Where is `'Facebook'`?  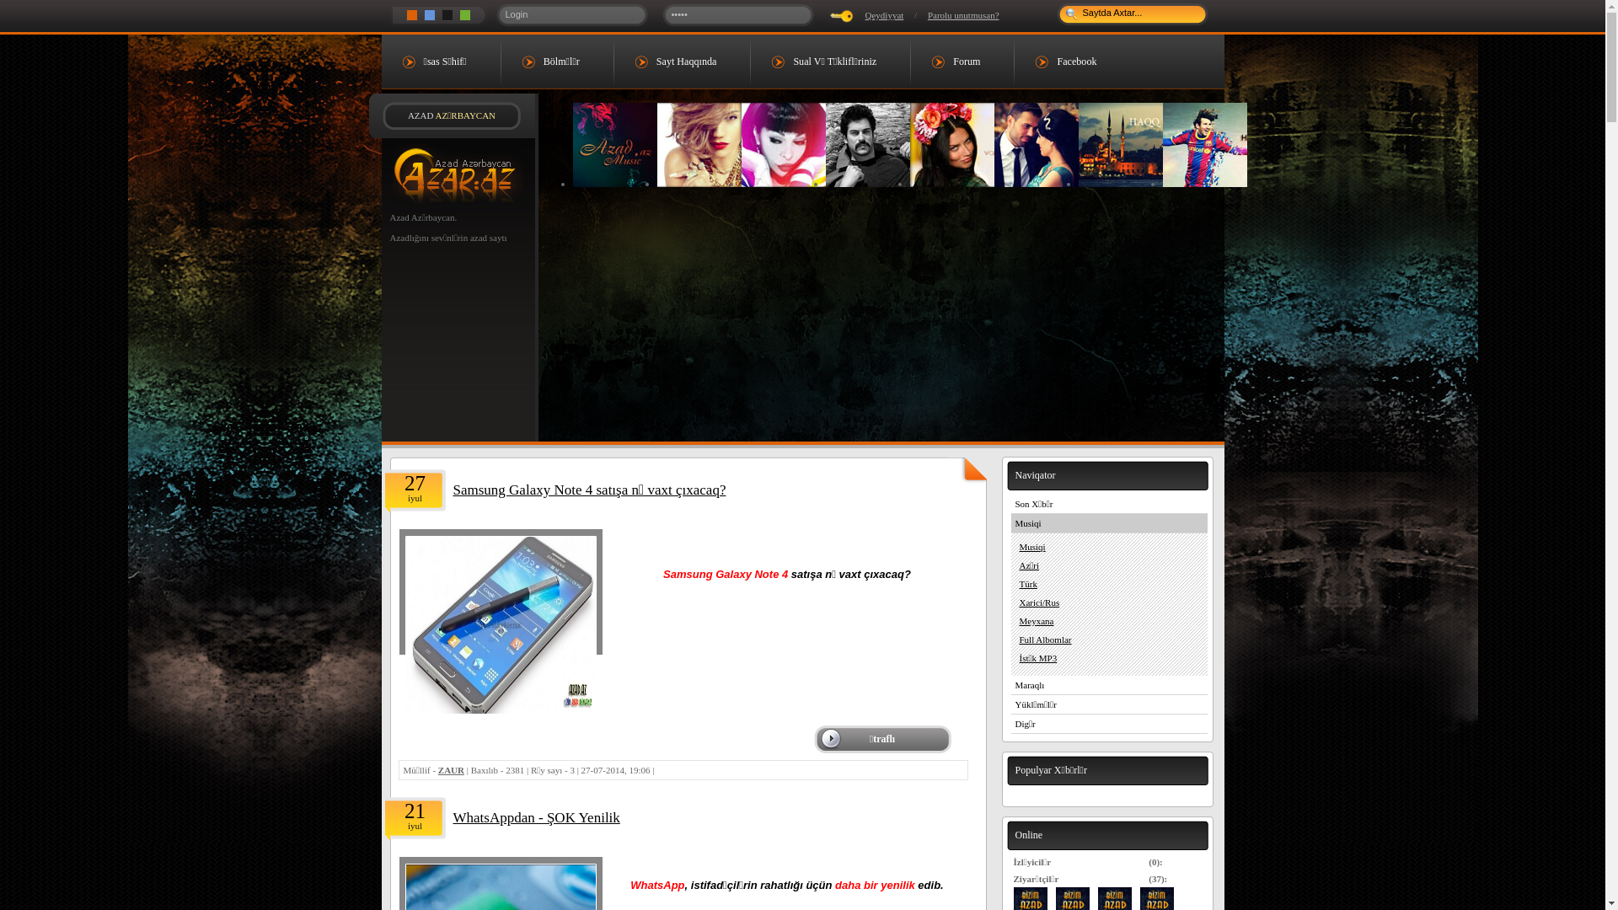
'Facebook' is located at coordinates (1071, 61).